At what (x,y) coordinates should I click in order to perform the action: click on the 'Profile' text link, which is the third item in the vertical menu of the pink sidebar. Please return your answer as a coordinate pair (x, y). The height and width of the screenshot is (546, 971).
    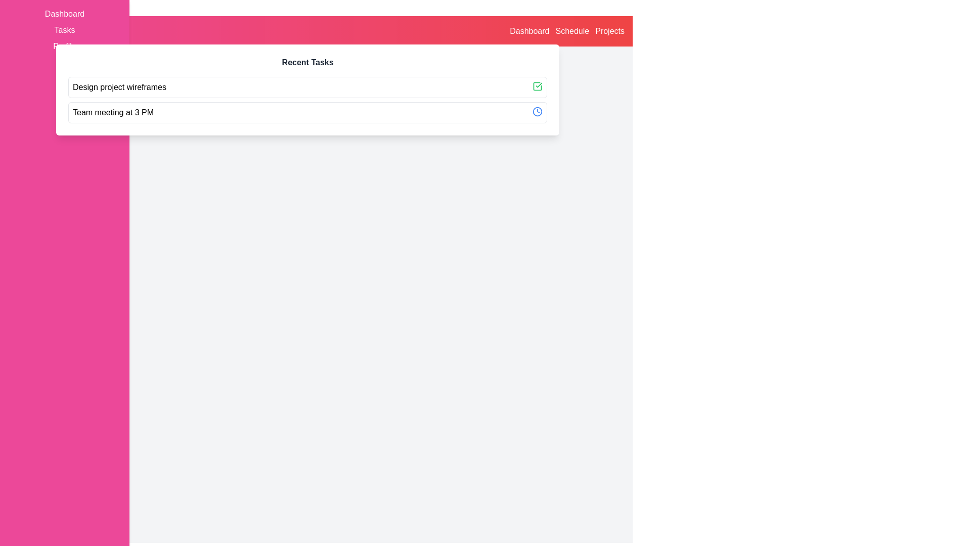
    Looking at the image, I should click on (64, 47).